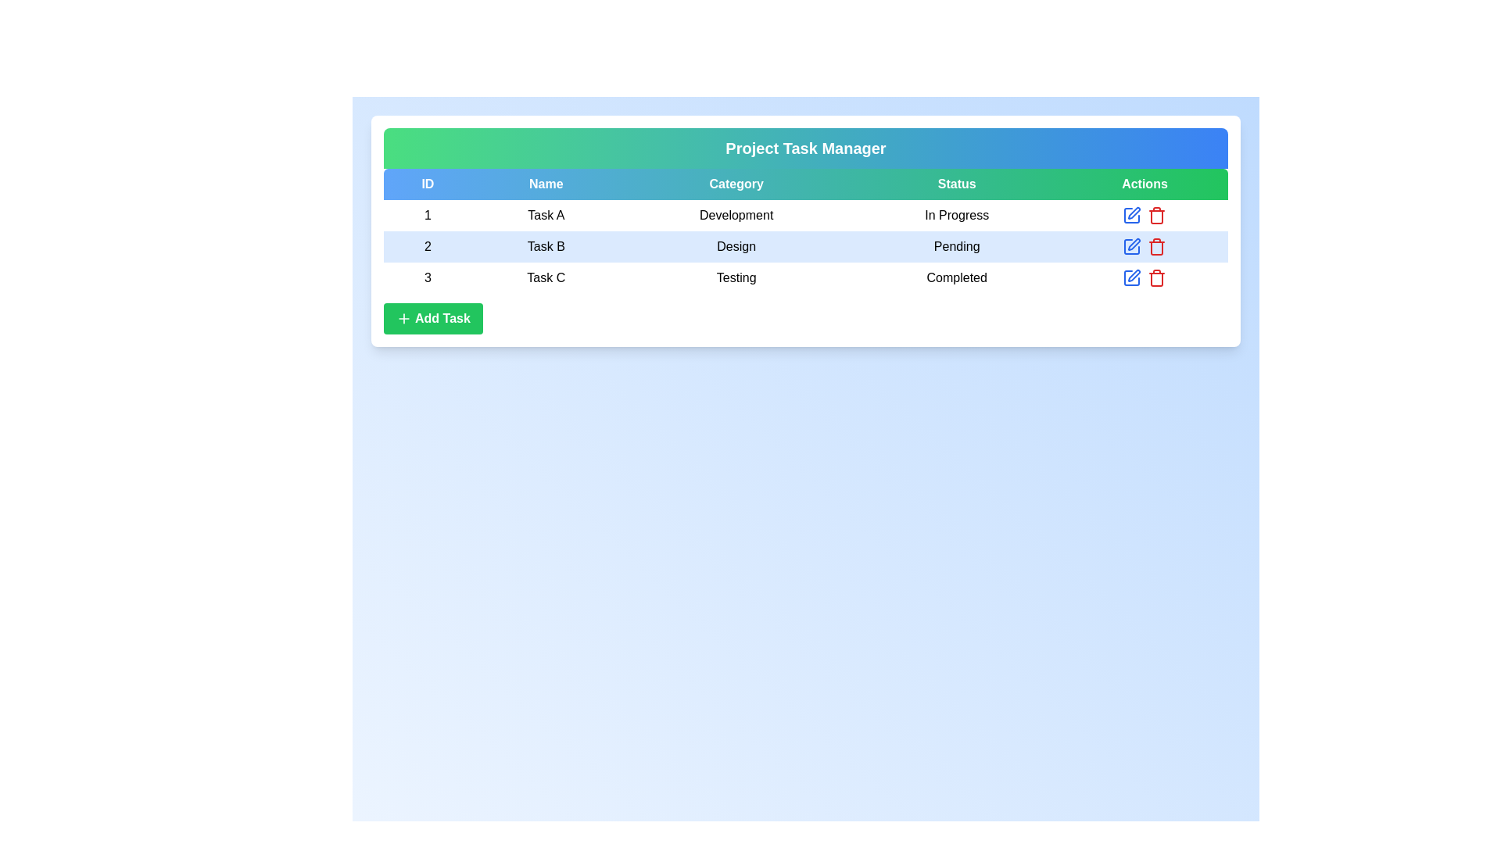  I want to click on the 'Edit' icon for the task with ID 3, so click(1132, 277).